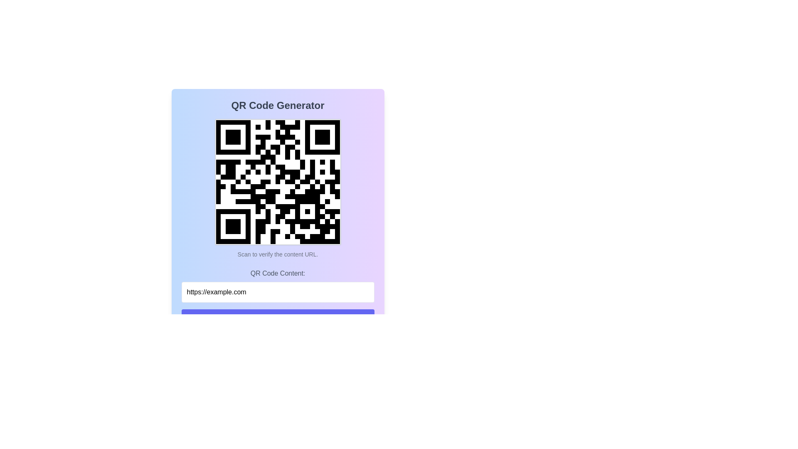 Image resolution: width=798 pixels, height=449 pixels. Describe the element at coordinates (278, 254) in the screenshot. I see `the static text label that reads 'Scan to verify the content URL.', which is located below the QR code` at that location.